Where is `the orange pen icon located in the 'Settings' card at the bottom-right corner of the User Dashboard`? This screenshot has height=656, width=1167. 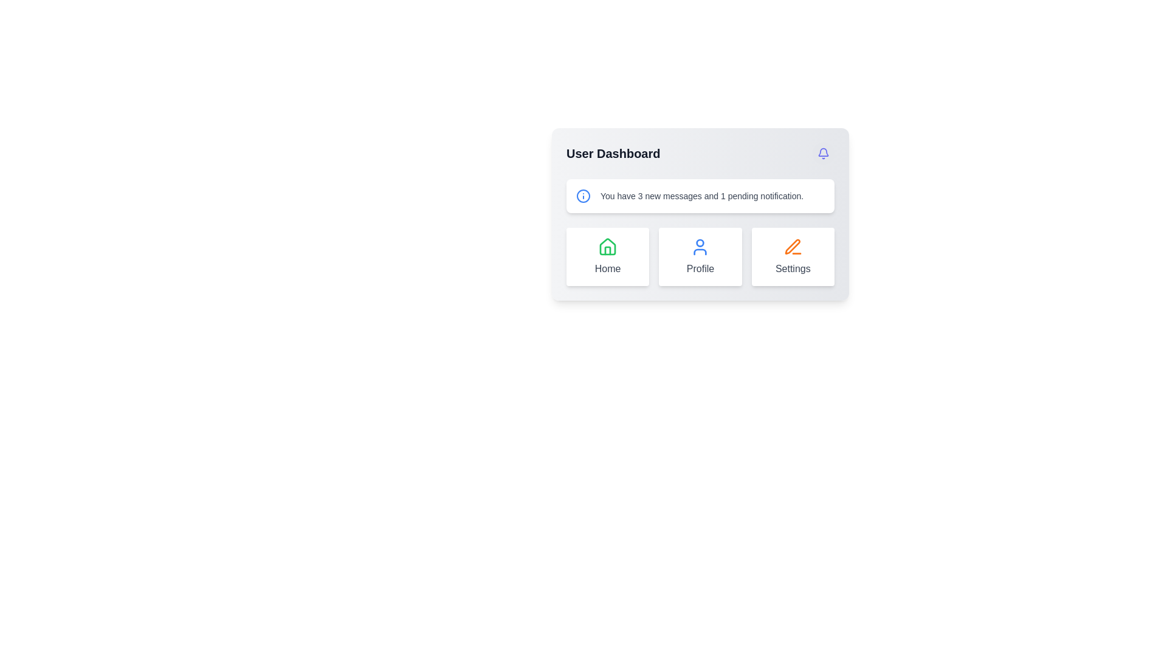
the orange pen icon located in the 'Settings' card at the bottom-right corner of the User Dashboard is located at coordinates (793, 247).